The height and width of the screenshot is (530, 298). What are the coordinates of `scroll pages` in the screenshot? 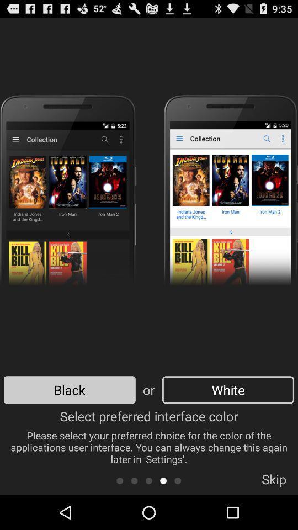 It's located at (148, 480).